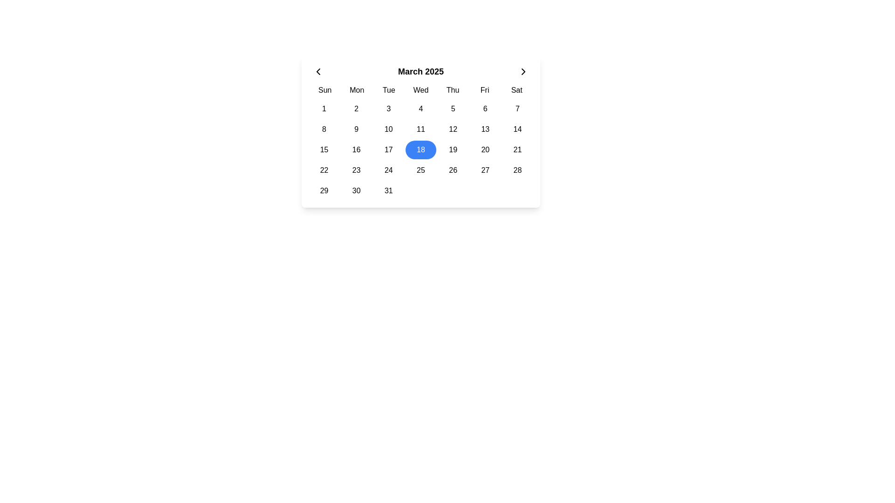 This screenshot has height=503, width=895. Describe the element at coordinates (485, 170) in the screenshot. I see `the button representing the 27th day in the calendar` at that location.